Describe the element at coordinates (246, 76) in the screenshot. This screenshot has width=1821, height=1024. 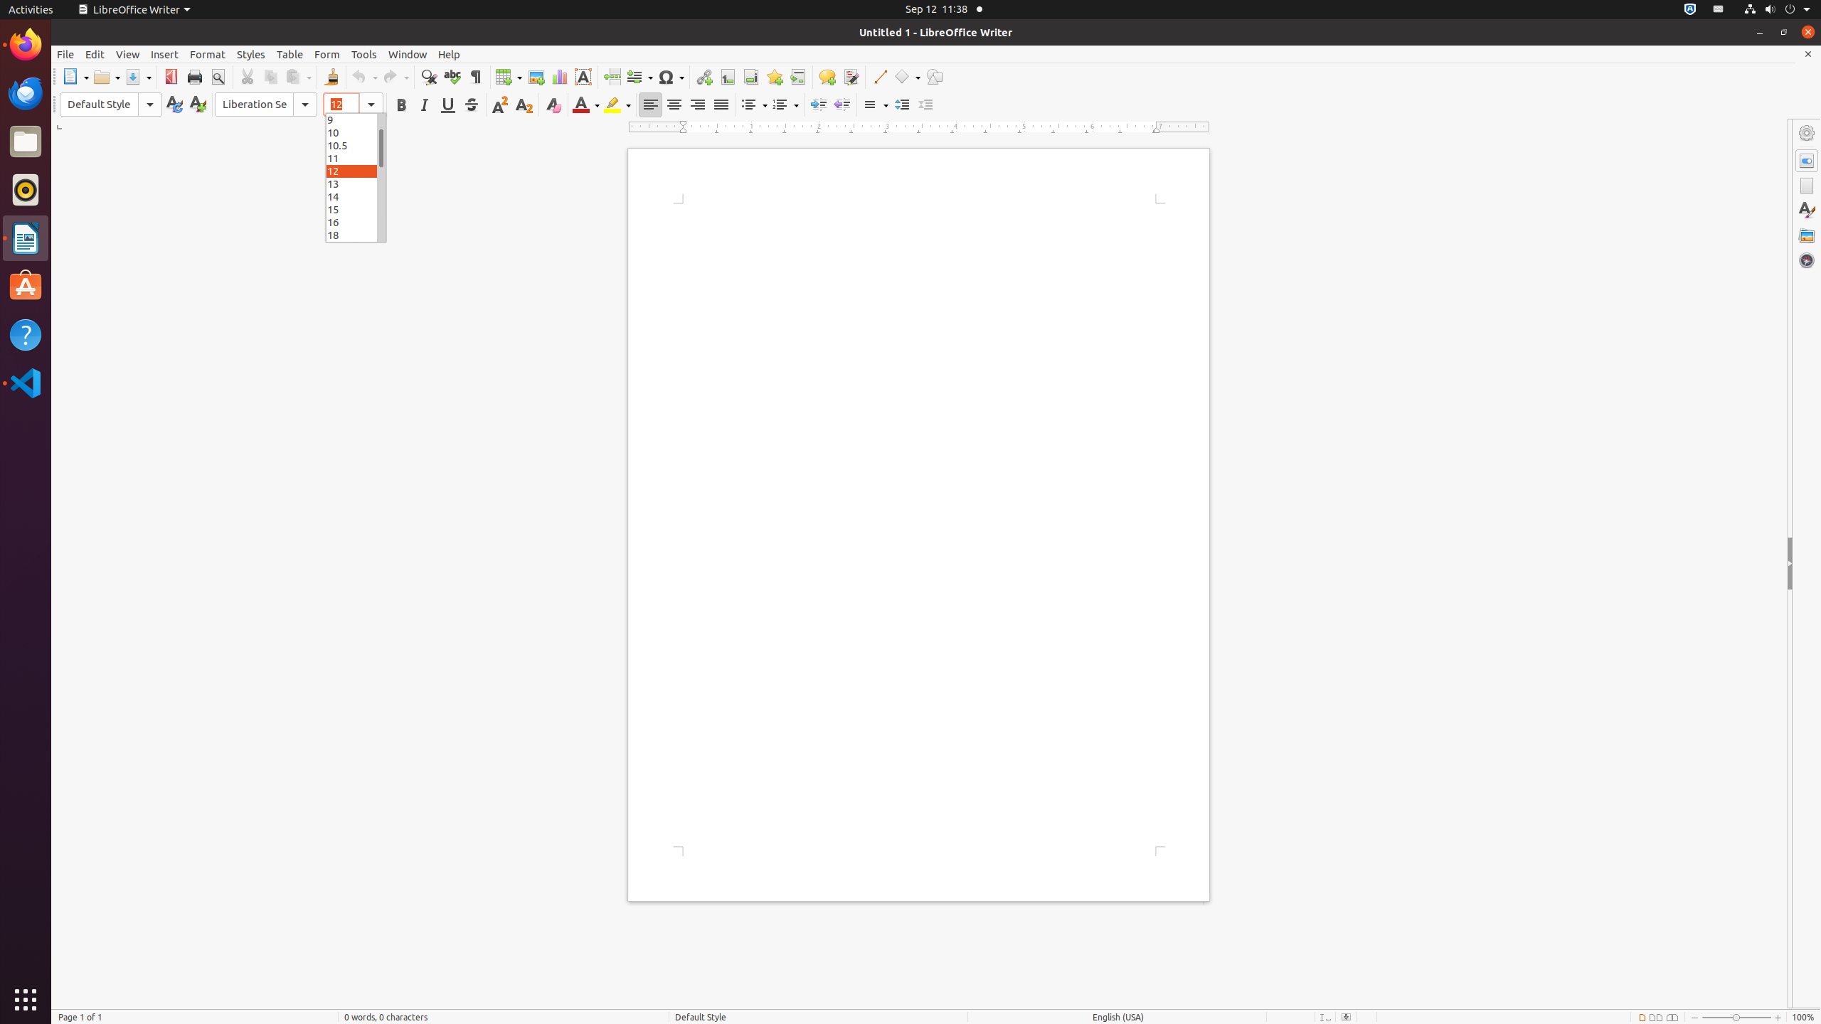
I see `'Cut'` at that location.